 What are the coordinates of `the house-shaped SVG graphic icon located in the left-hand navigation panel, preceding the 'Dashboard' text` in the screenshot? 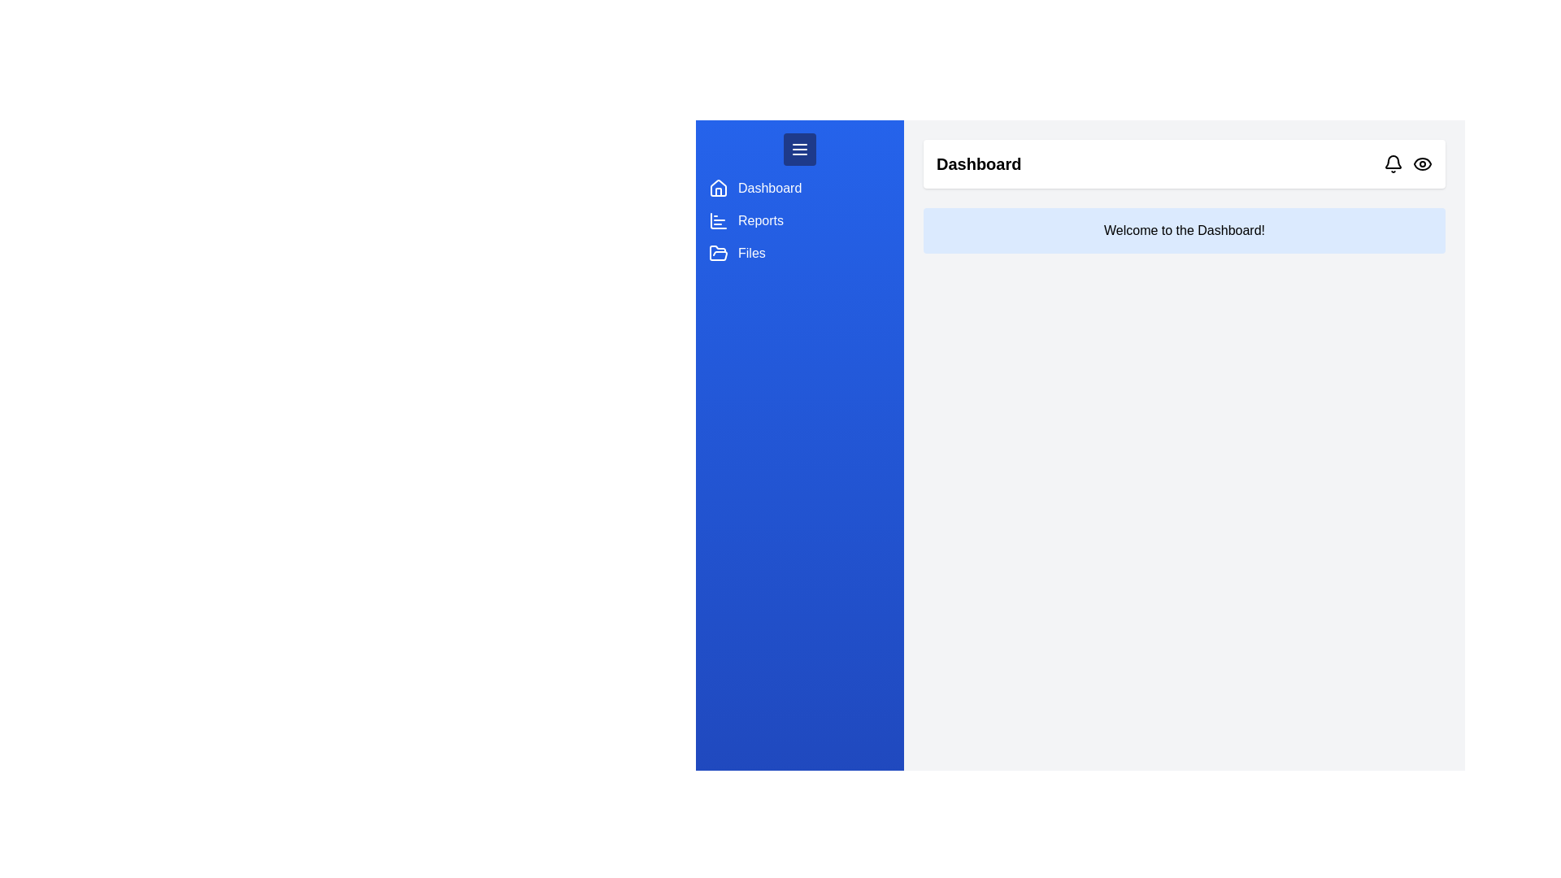 It's located at (717, 187).